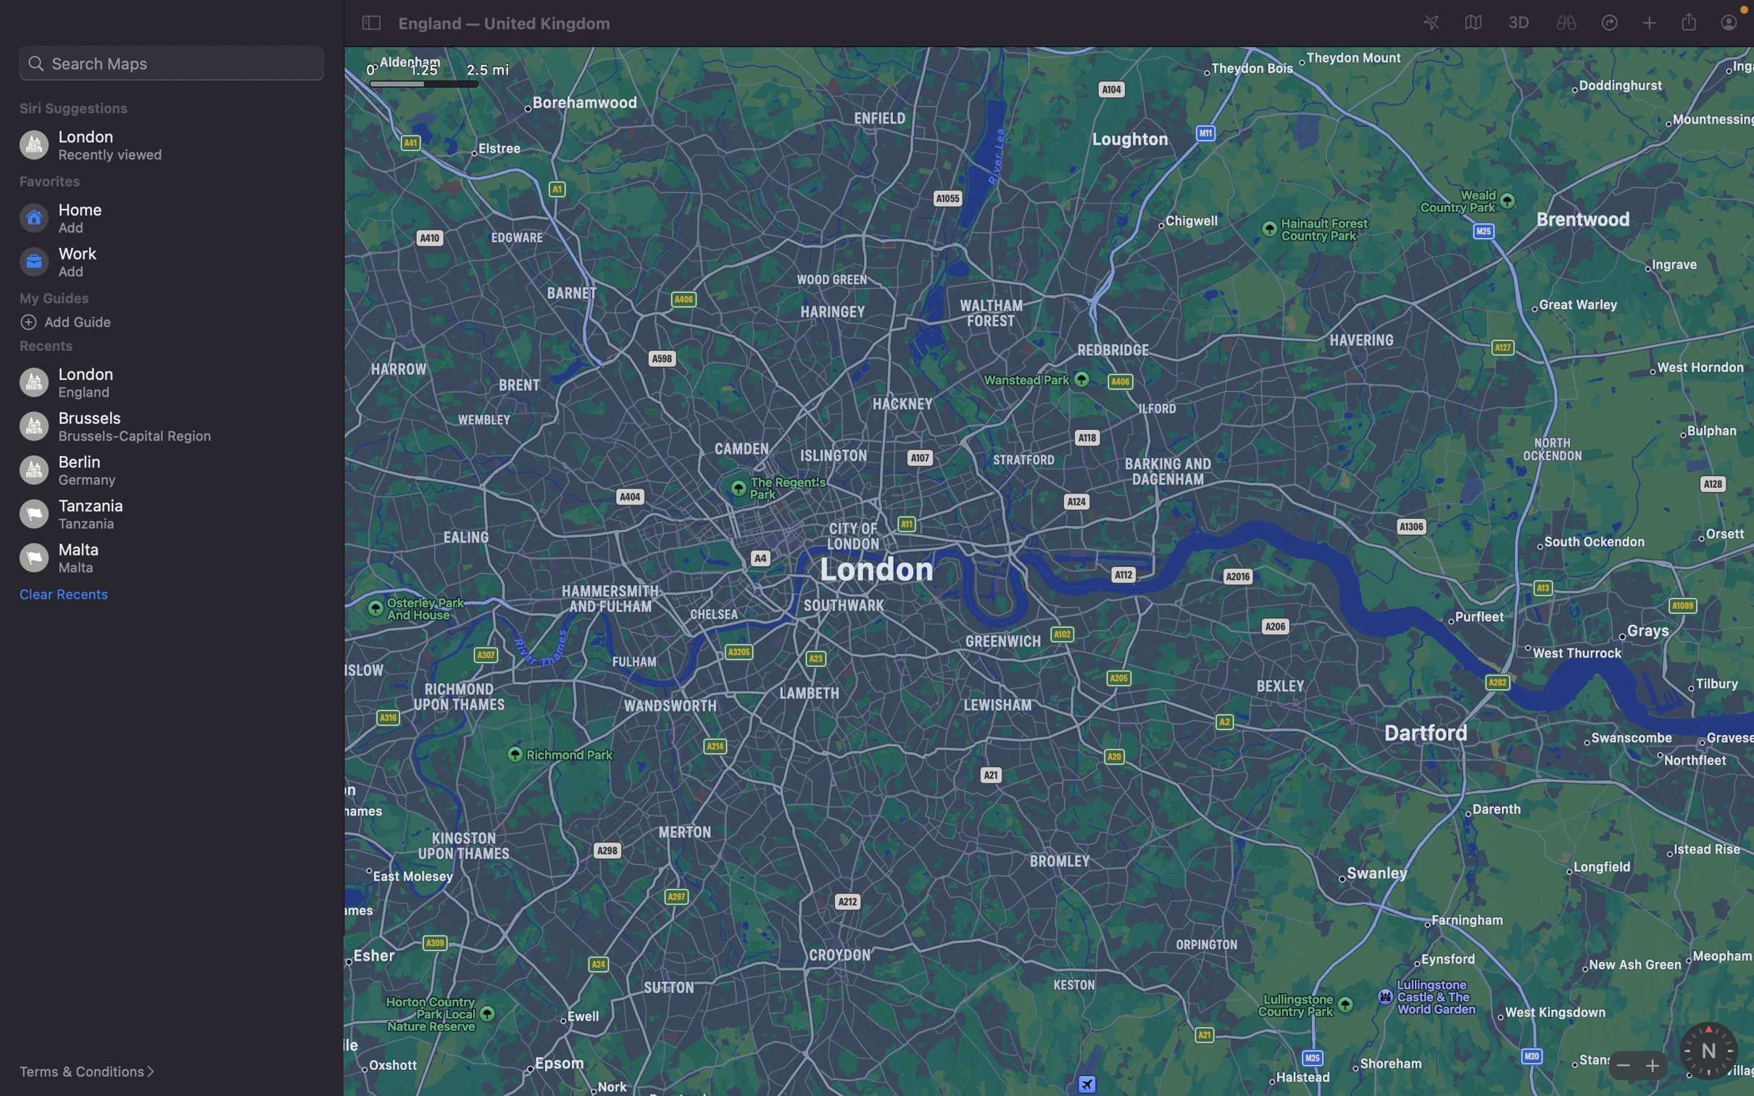  Describe the element at coordinates (177, 321) in the screenshot. I see `a fresh instruction for sightseeing` at that location.